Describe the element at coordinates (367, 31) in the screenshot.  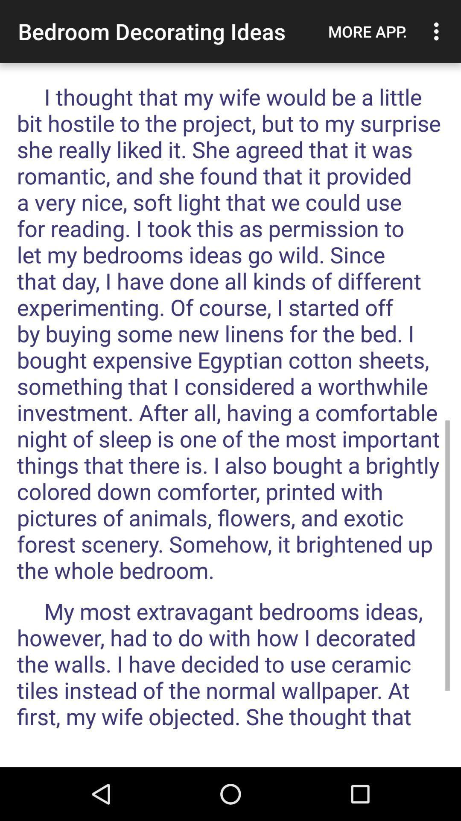
I see `icon next to bedroom decorating ideas` at that location.